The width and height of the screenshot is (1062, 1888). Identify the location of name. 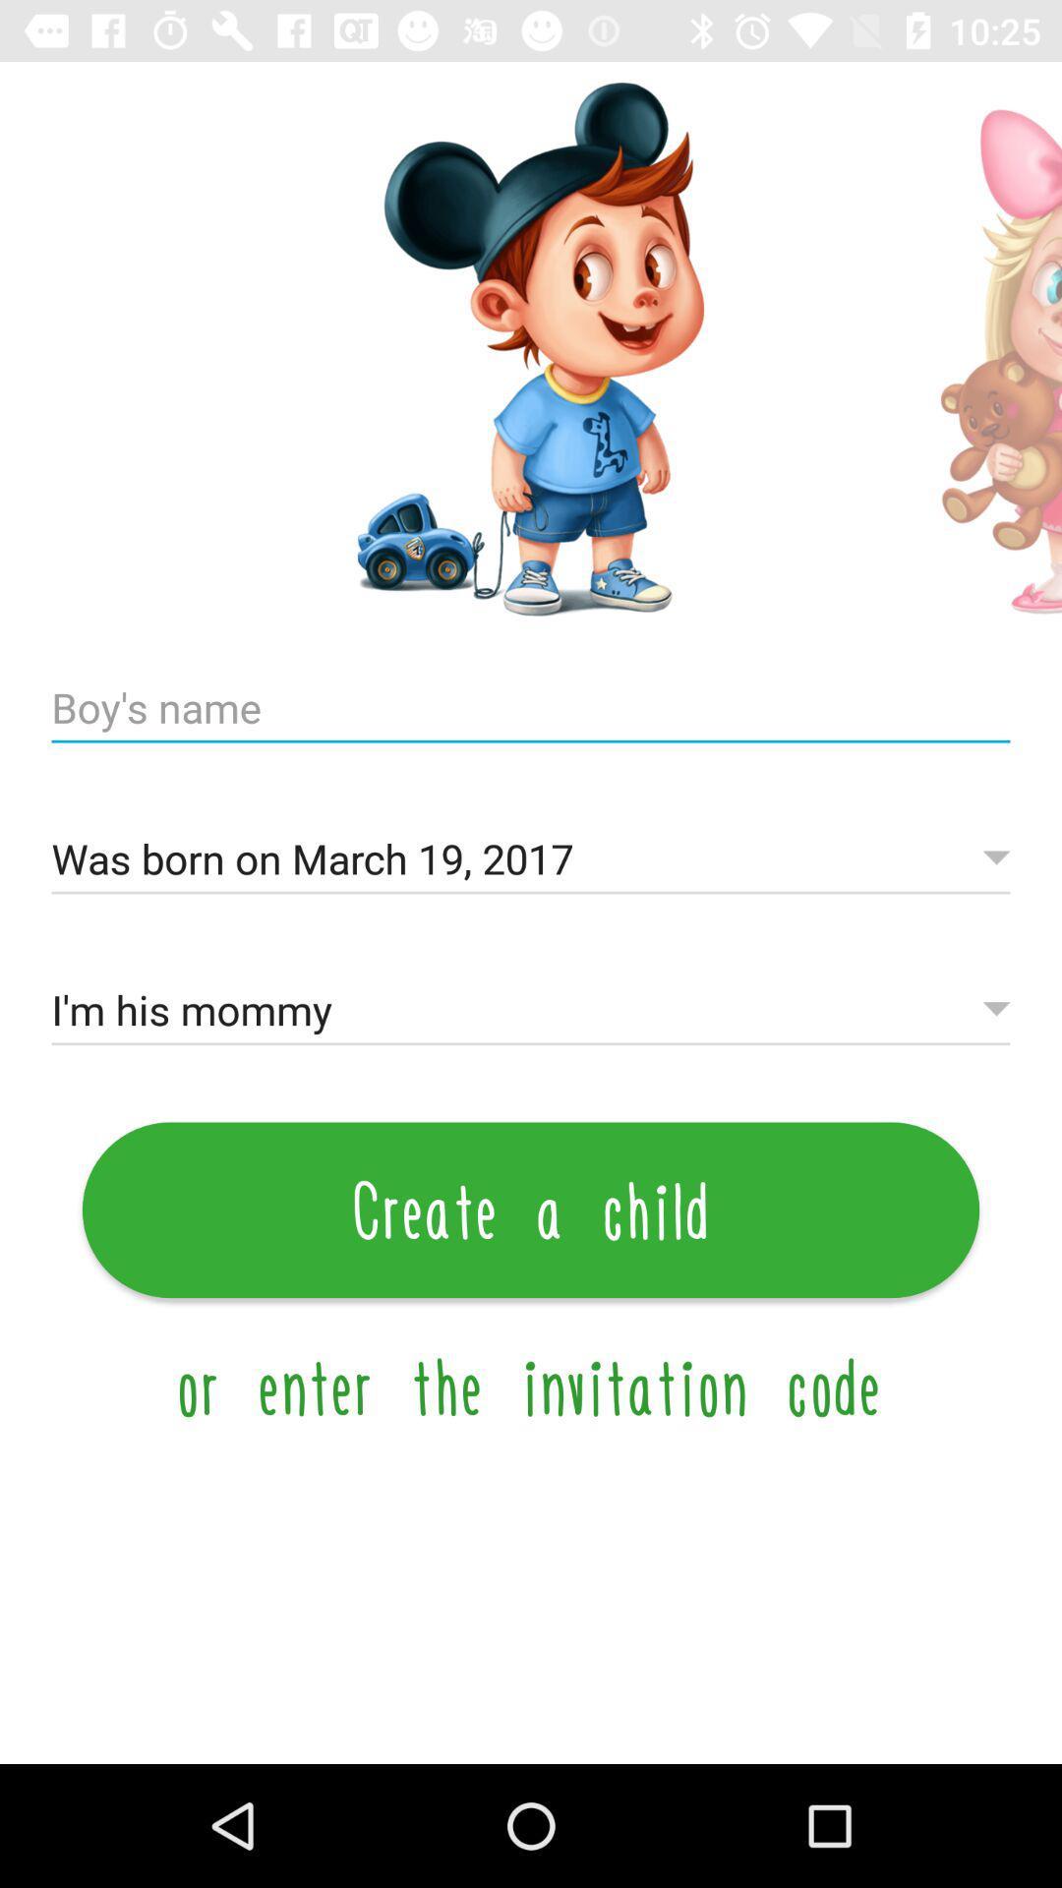
(531, 708).